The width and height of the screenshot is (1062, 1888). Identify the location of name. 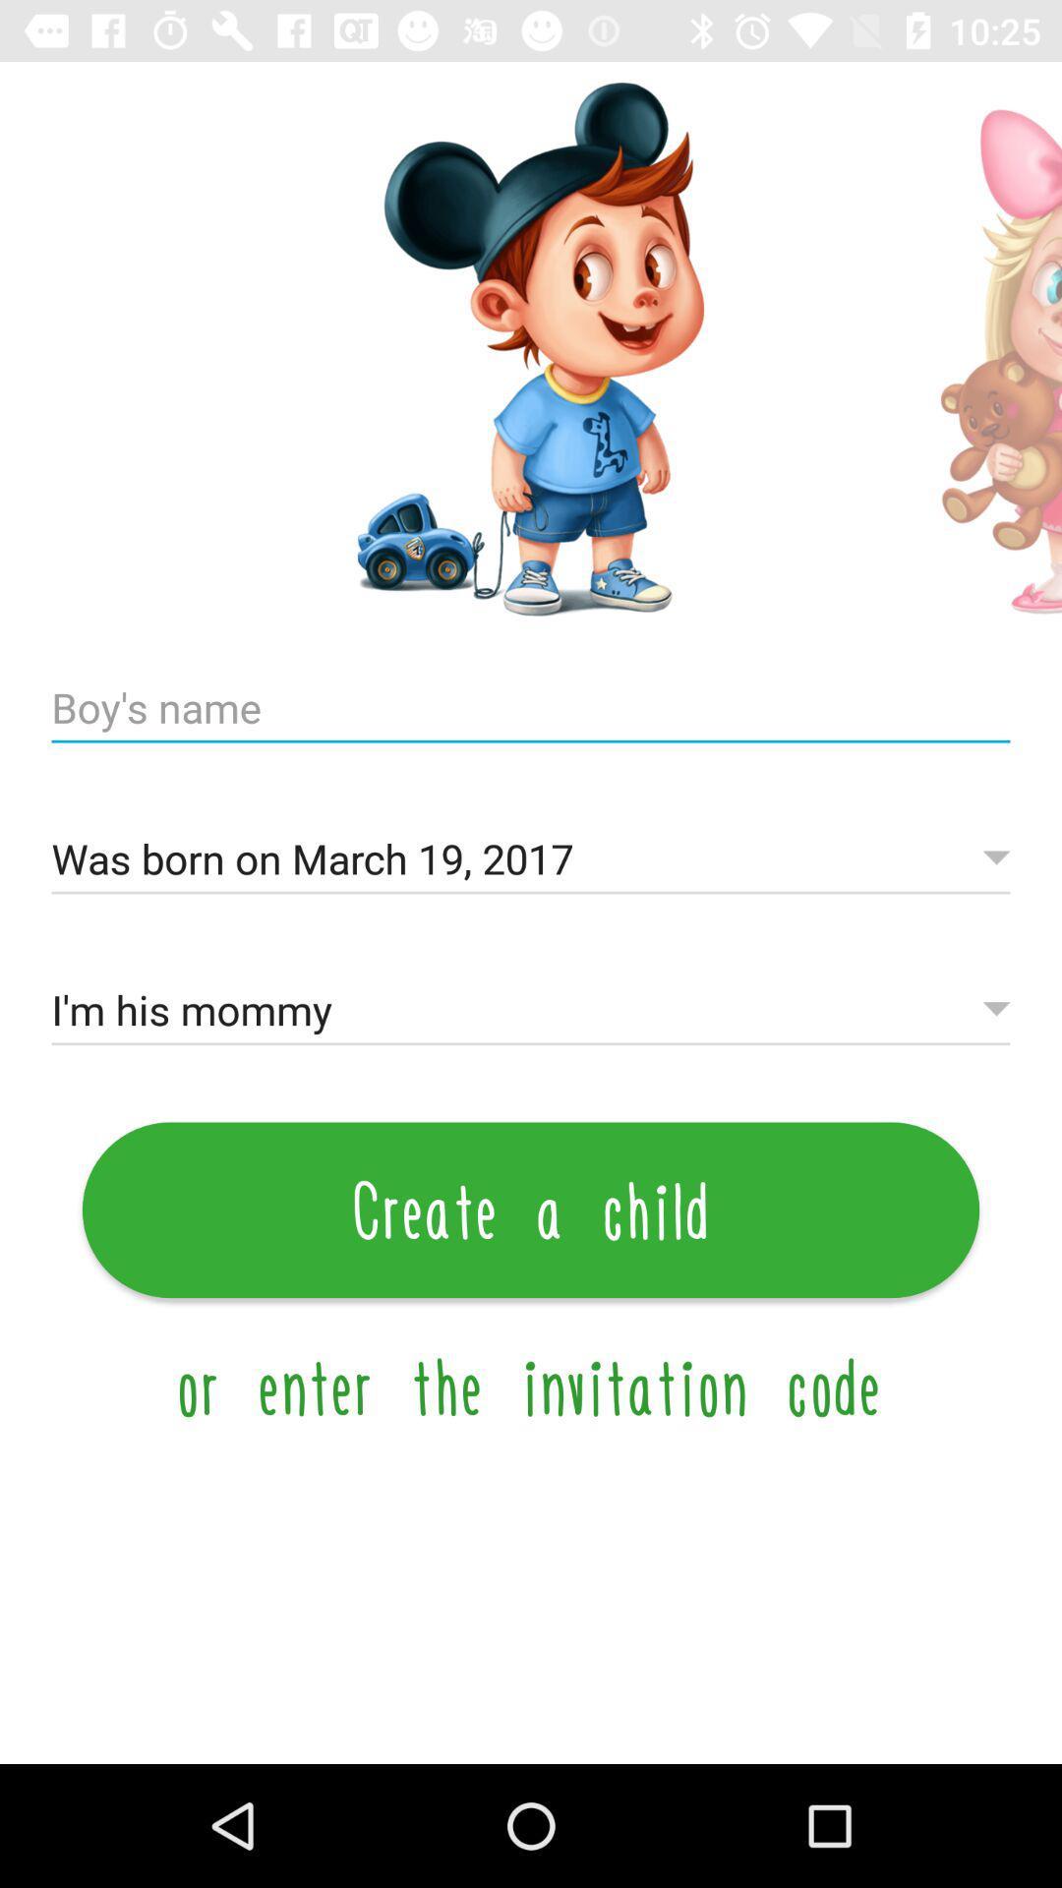
(531, 708).